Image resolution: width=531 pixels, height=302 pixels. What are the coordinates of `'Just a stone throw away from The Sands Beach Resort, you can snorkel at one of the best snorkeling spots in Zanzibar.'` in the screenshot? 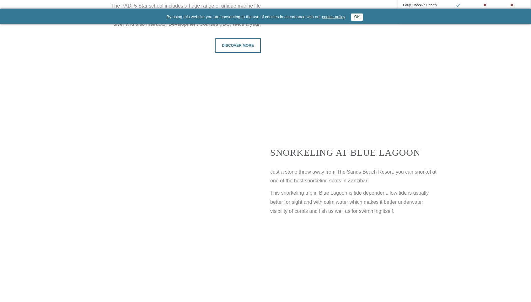 It's located at (353, 176).